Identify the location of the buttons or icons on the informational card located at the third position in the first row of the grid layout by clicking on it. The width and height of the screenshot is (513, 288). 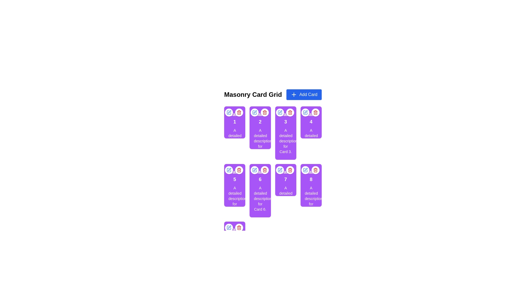
(285, 133).